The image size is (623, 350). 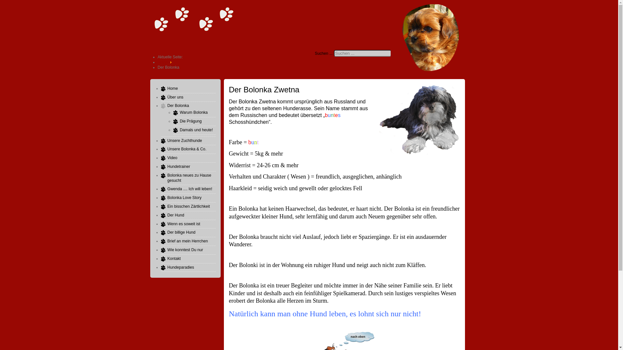 What do you see at coordinates (167, 241) in the screenshot?
I see `'Brief an mein Herrchen'` at bounding box center [167, 241].